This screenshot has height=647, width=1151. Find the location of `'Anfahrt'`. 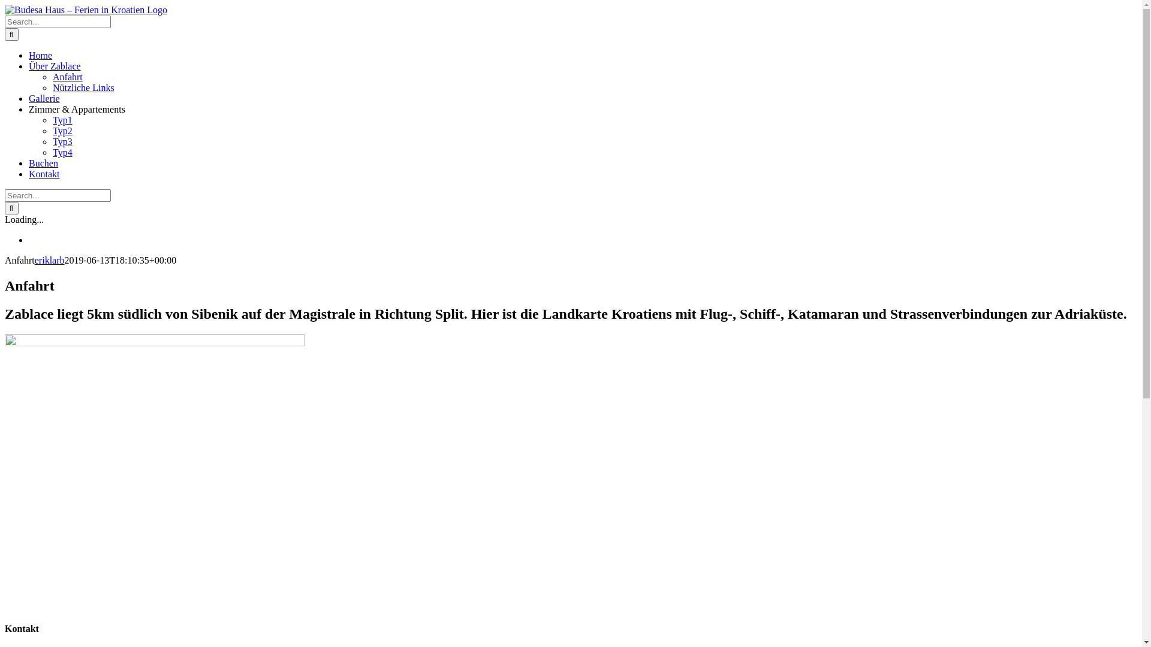

'Anfahrt' is located at coordinates (67, 77).